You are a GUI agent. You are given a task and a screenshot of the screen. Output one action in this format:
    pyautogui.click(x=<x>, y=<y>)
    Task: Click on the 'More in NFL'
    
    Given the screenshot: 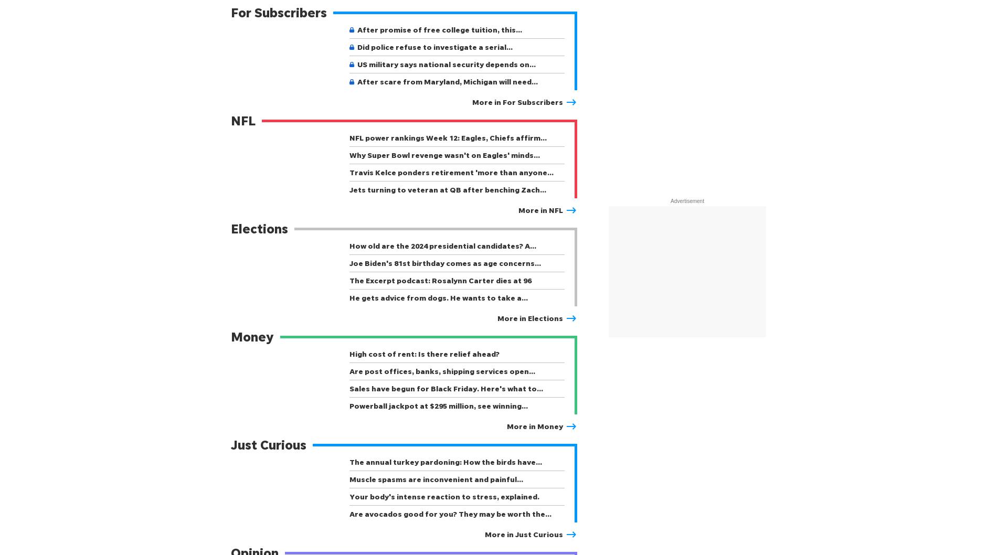 What is the action you would take?
    pyautogui.click(x=518, y=210)
    